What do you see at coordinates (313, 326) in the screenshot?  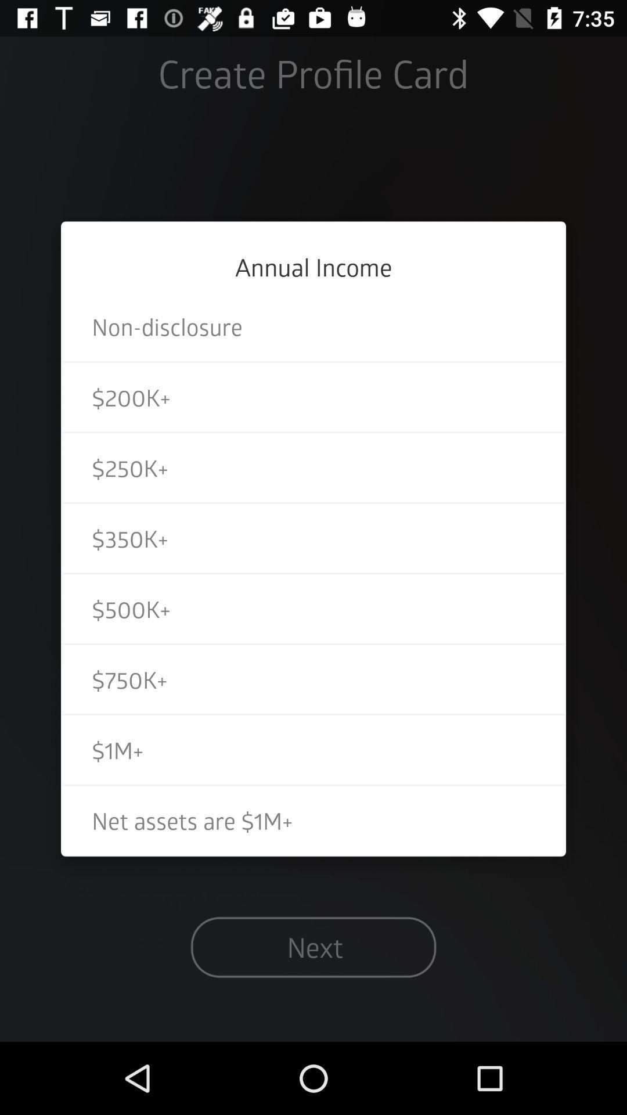 I see `non-disclosure icon` at bounding box center [313, 326].